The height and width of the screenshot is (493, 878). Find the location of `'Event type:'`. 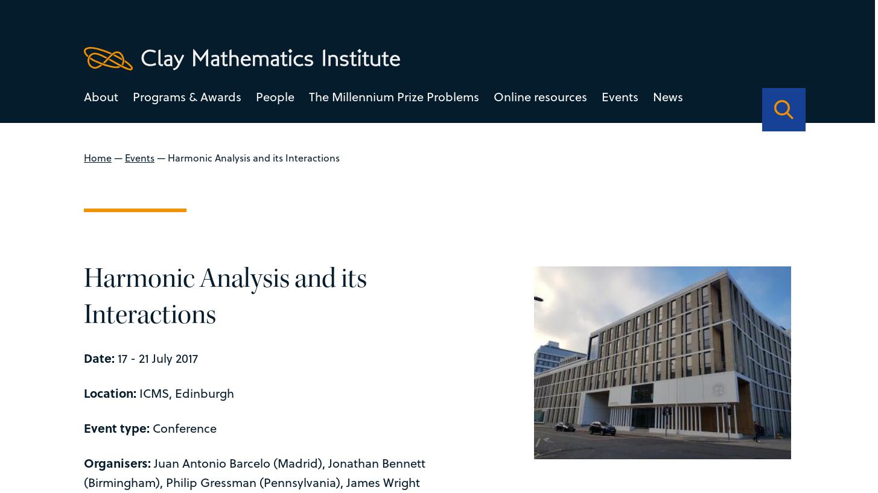

'Event type:' is located at coordinates (116, 426).